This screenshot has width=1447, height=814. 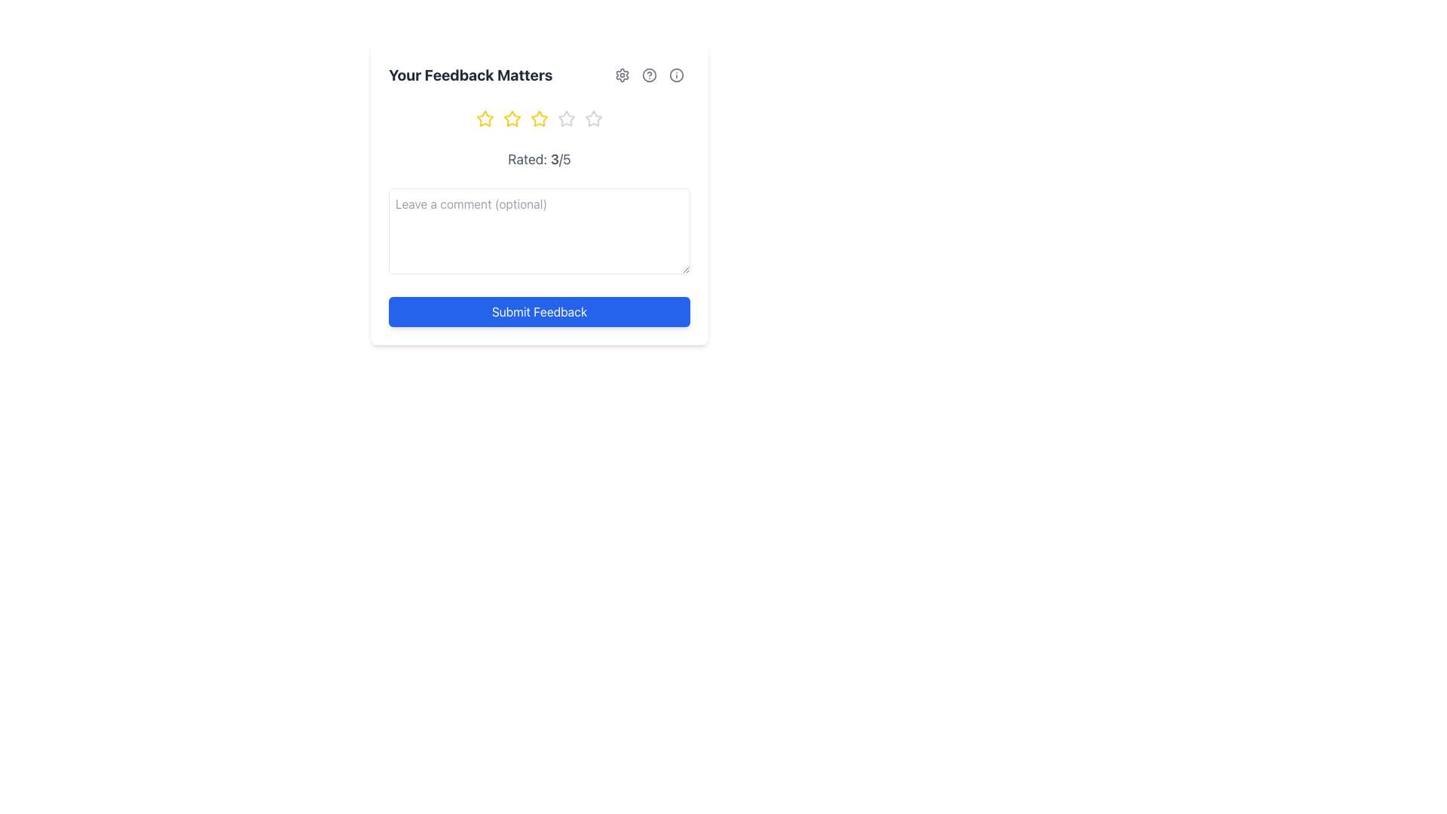 I want to click on the fifth star in the rating group under 'Your Feedback Matters', so click(x=592, y=118).